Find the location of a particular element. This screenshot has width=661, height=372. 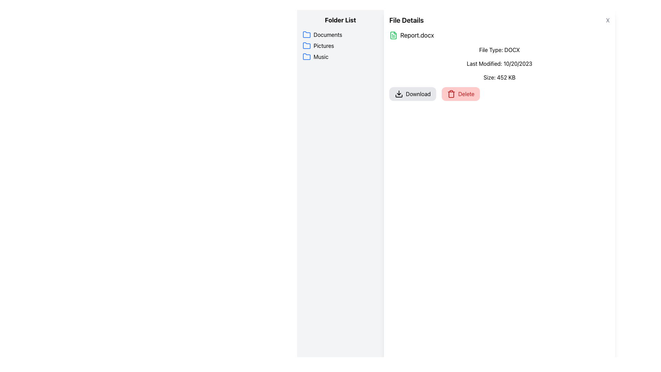

the download button located in the 'File Details' section to initiate the download of the 'Report.docx' document is located at coordinates (413, 94).